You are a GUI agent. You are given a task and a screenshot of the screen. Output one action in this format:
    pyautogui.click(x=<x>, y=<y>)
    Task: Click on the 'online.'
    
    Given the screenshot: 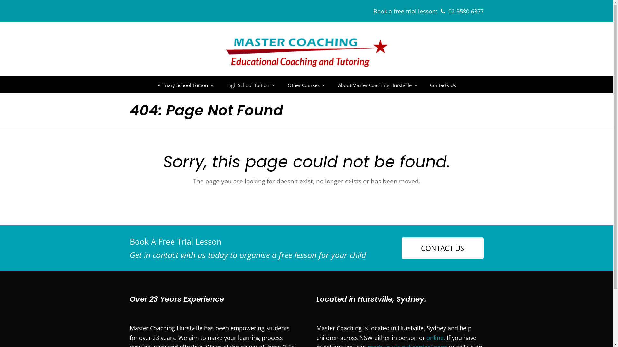 What is the action you would take?
    pyautogui.click(x=435, y=337)
    